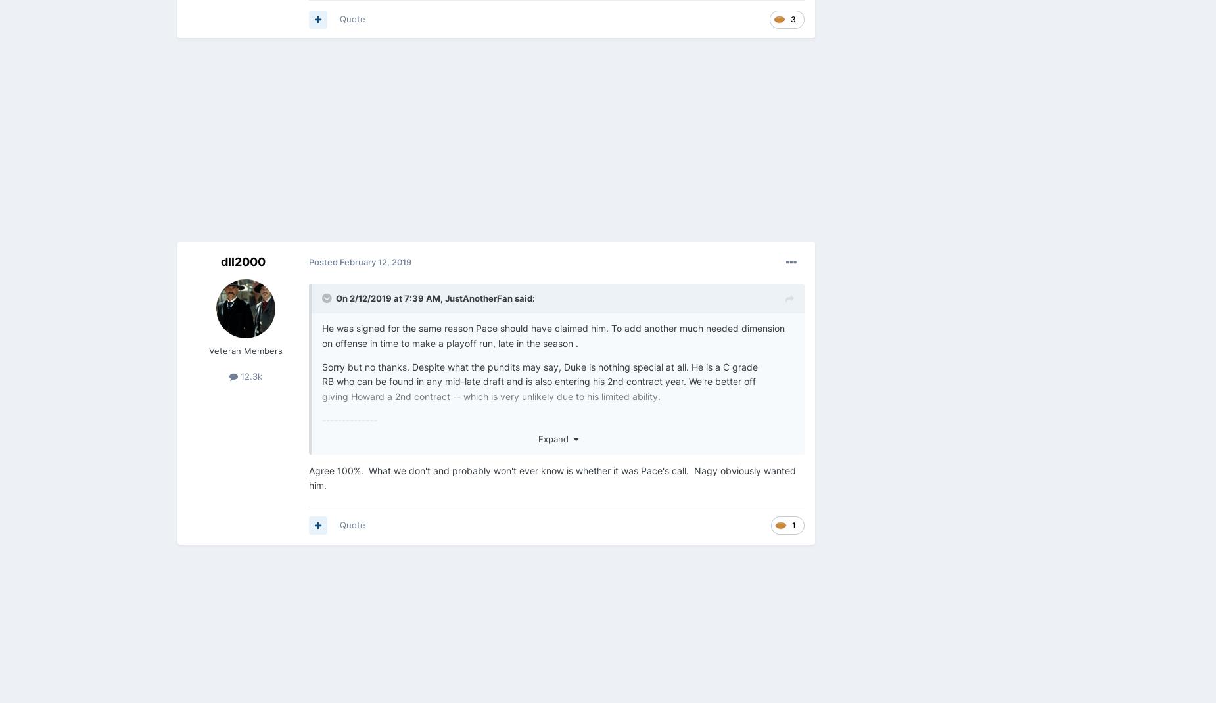  I want to click on 'He was signed for the same reason Pace should have claimed him. To add another much needed dimension on offense in time to make a playoff run, late in the season .', so click(322, 335).